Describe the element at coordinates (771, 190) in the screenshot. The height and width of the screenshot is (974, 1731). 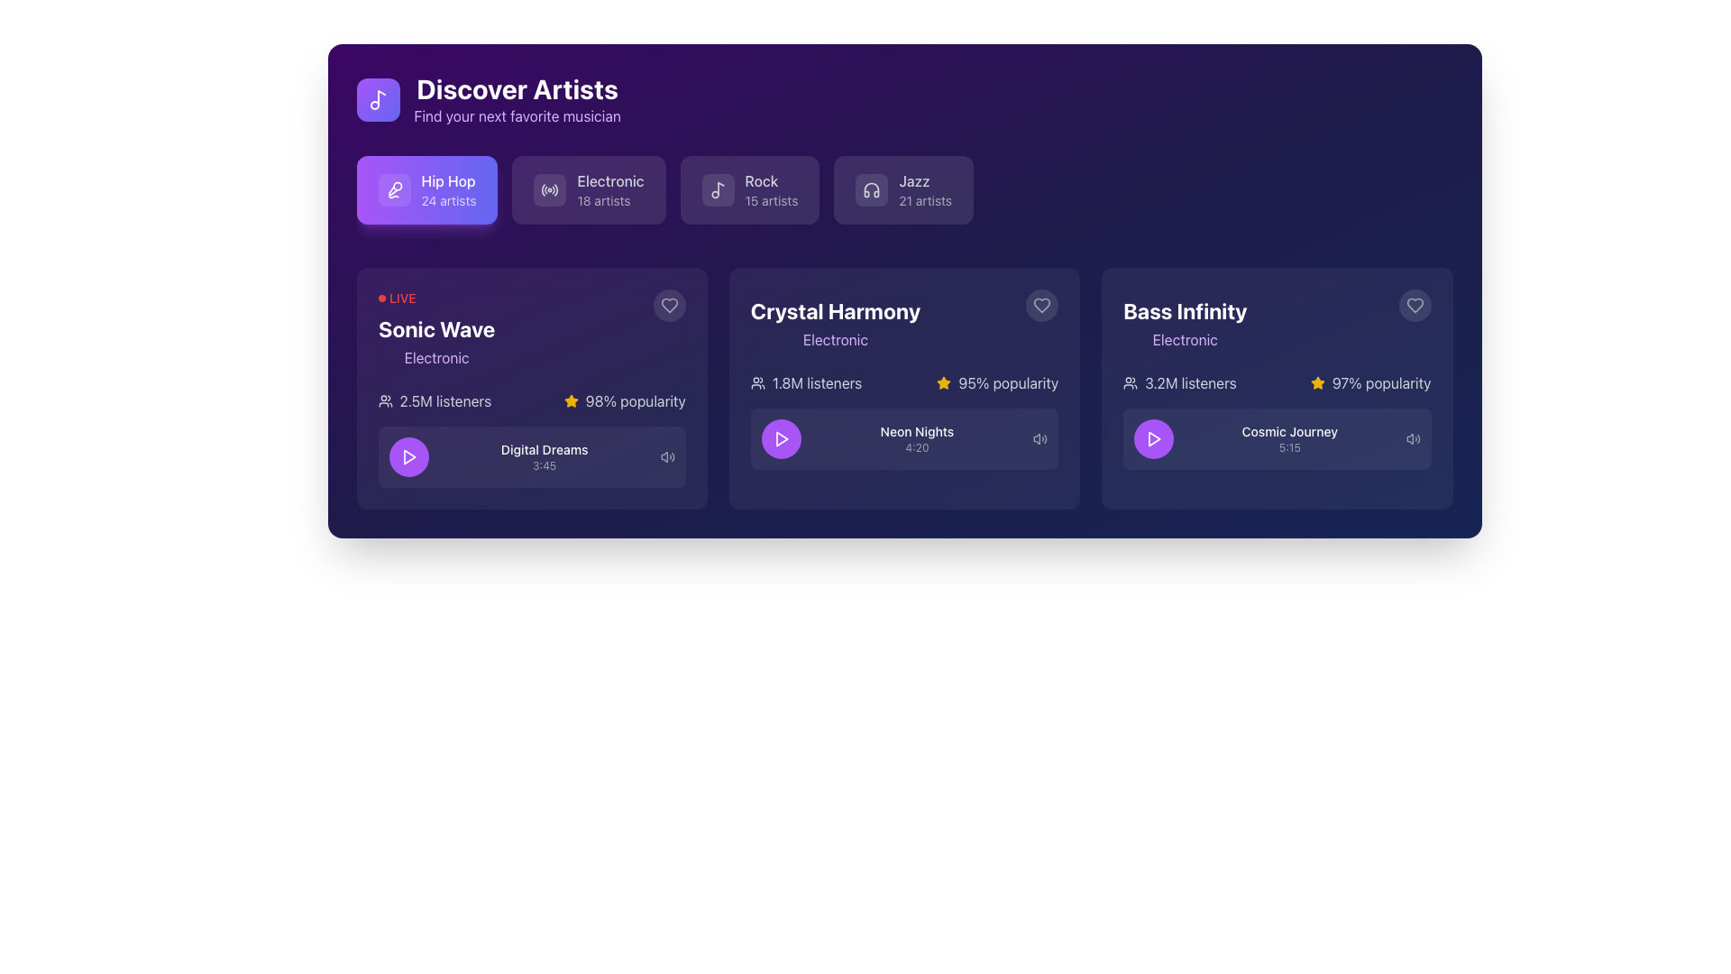
I see `the 'Rock' music category button, which is the third button from the left in a group of category buttons, to receive additional feedback` at that location.